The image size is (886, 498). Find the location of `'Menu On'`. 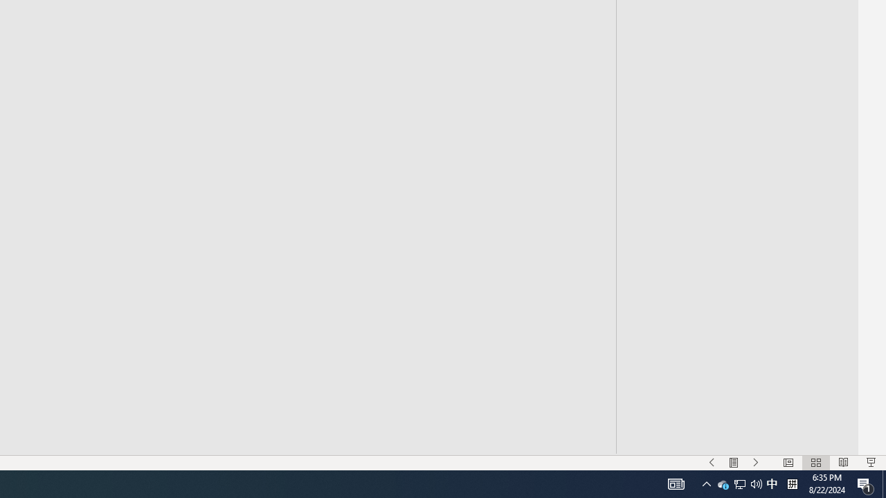

'Menu On' is located at coordinates (733, 463).